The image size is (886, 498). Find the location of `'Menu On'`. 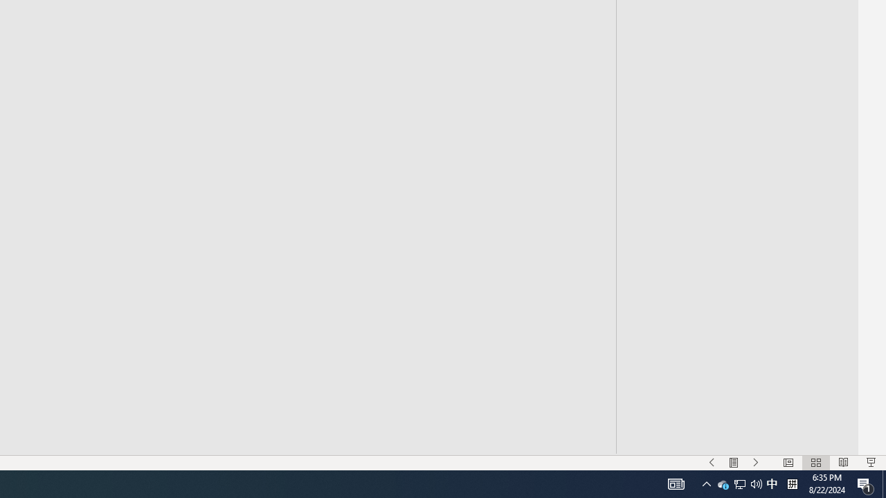

'Menu On' is located at coordinates (733, 463).